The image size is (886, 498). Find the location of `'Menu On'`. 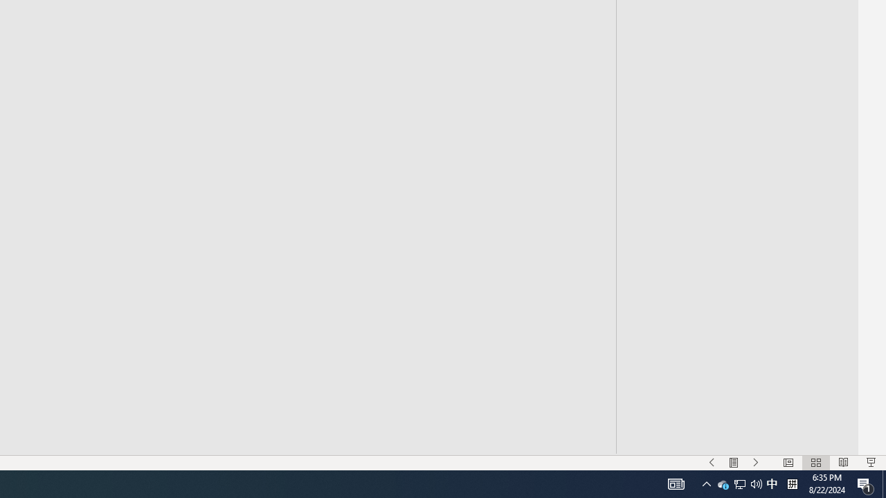

'Menu On' is located at coordinates (733, 463).